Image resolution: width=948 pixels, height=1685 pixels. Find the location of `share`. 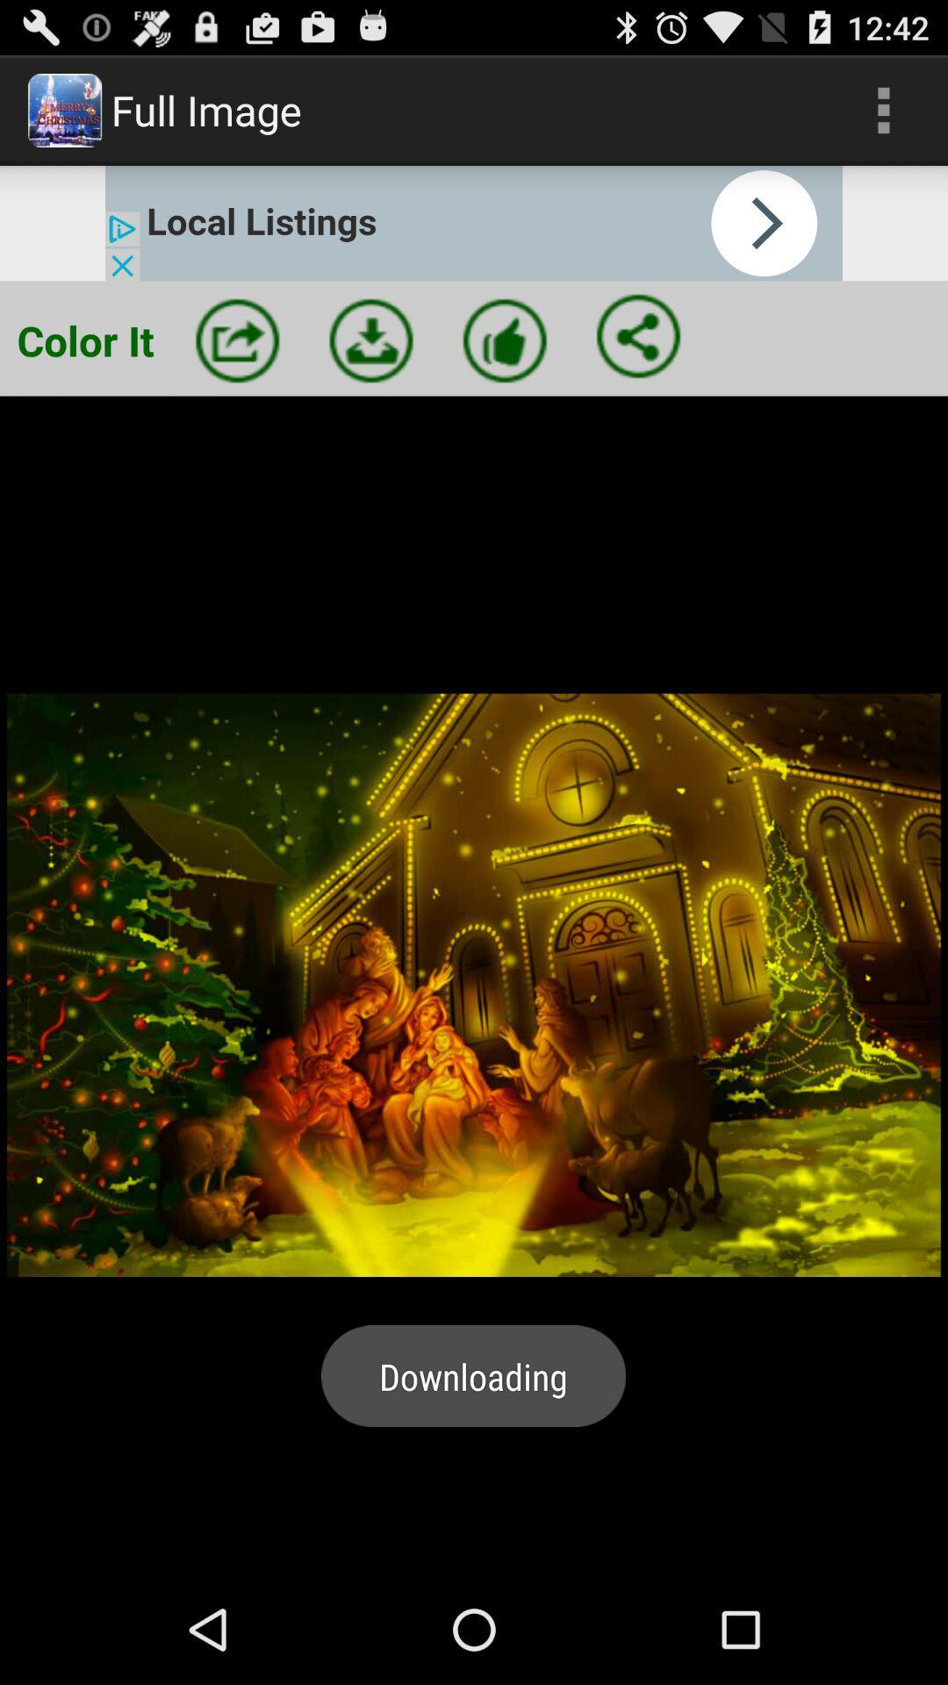

share is located at coordinates (638, 336).